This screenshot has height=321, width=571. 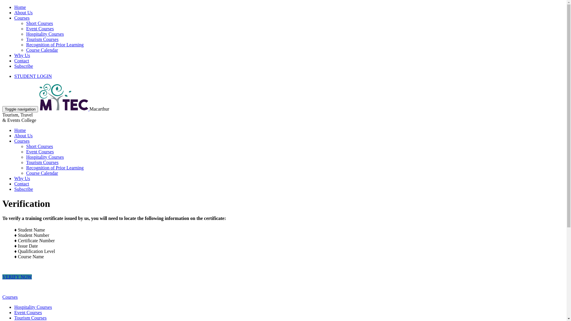 I want to click on 'Contact', so click(x=14, y=61).